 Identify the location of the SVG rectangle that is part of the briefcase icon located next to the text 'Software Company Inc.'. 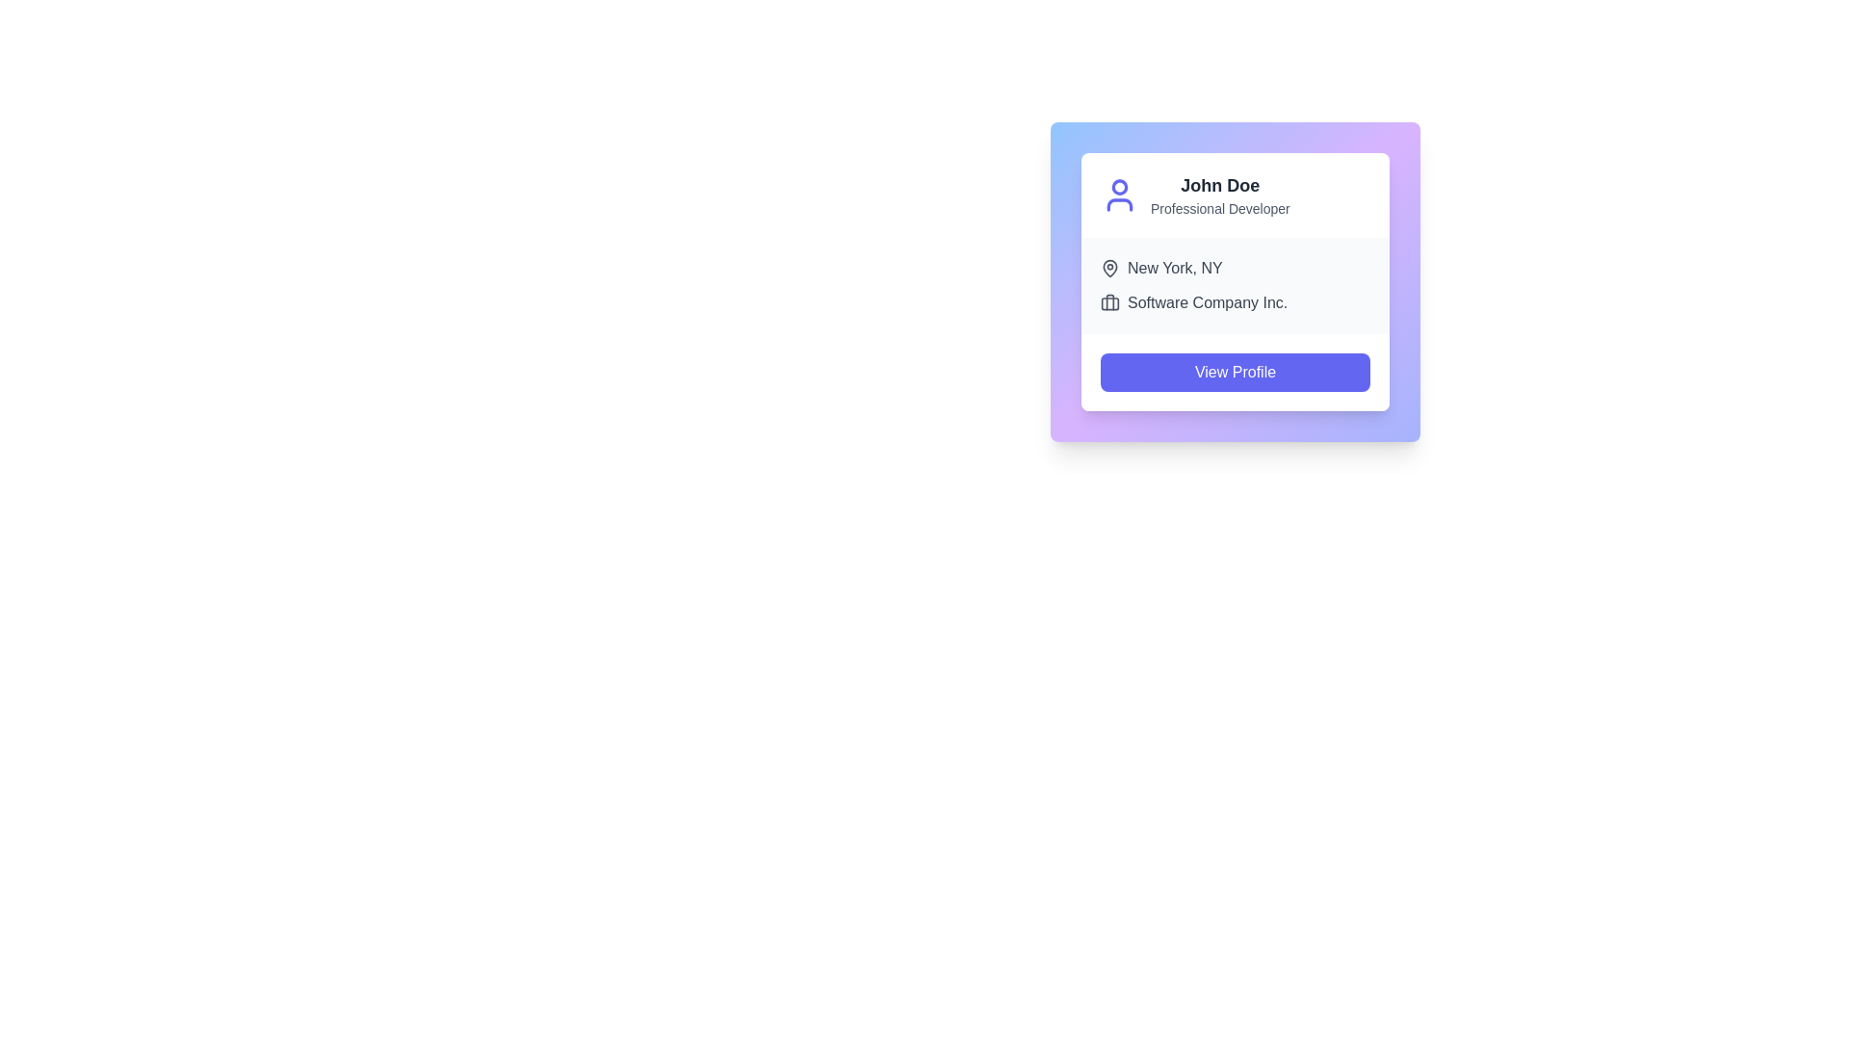
(1109, 303).